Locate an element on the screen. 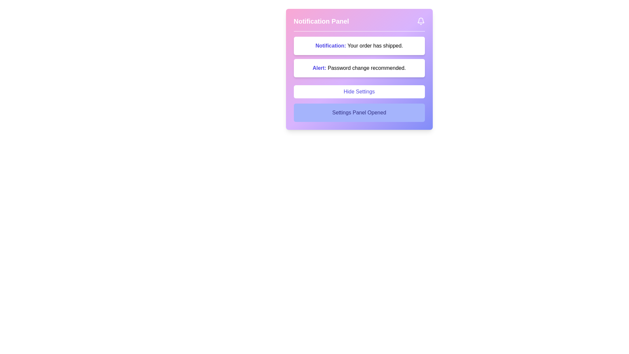 The image size is (629, 354). the Text Label in the notification panel that serves as a label for the notification message is located at coordinates (331, 45).